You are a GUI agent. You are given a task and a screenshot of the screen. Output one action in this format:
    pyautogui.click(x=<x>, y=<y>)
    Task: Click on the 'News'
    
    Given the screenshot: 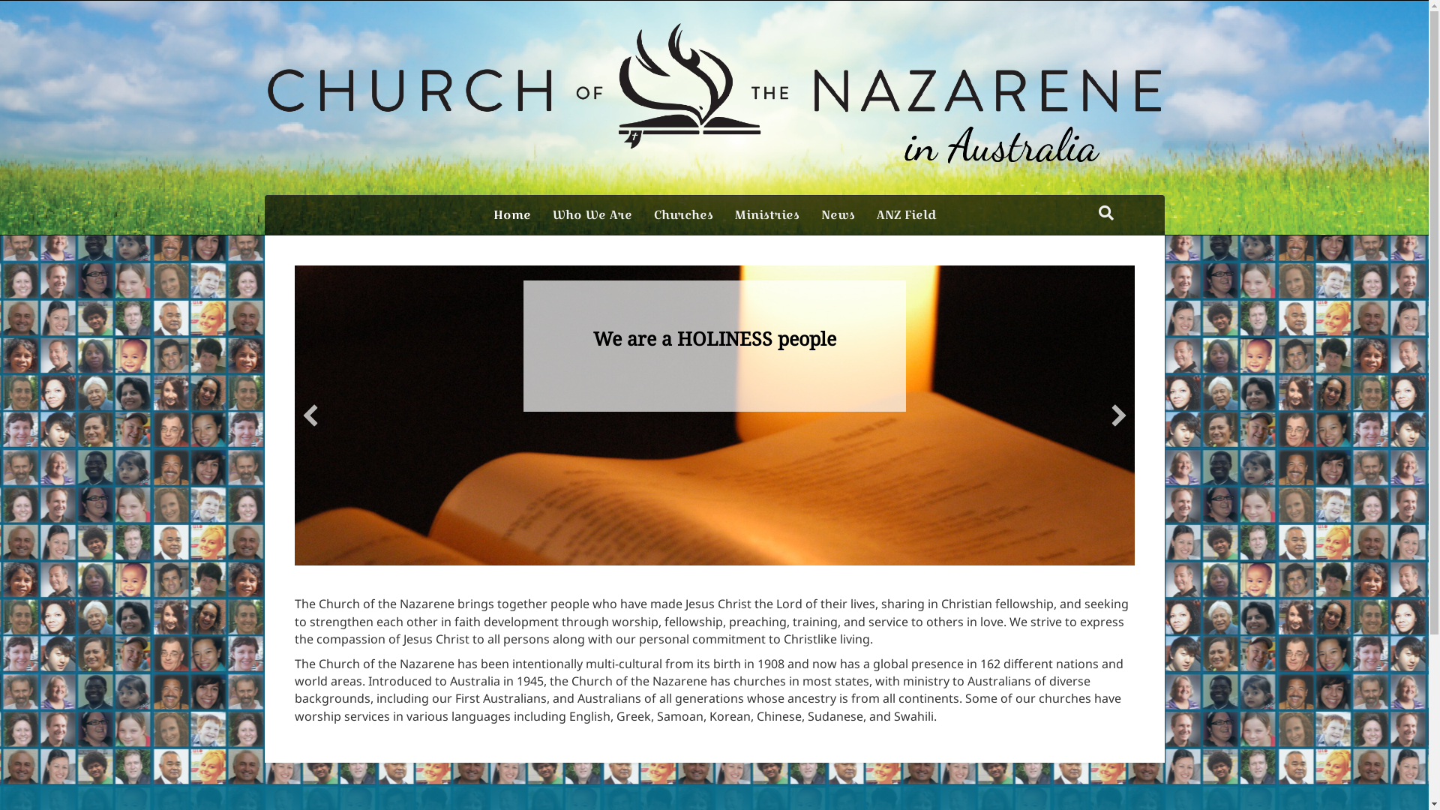 What is the action you would take?
    pyautogui.click(x=836, y=214)
    